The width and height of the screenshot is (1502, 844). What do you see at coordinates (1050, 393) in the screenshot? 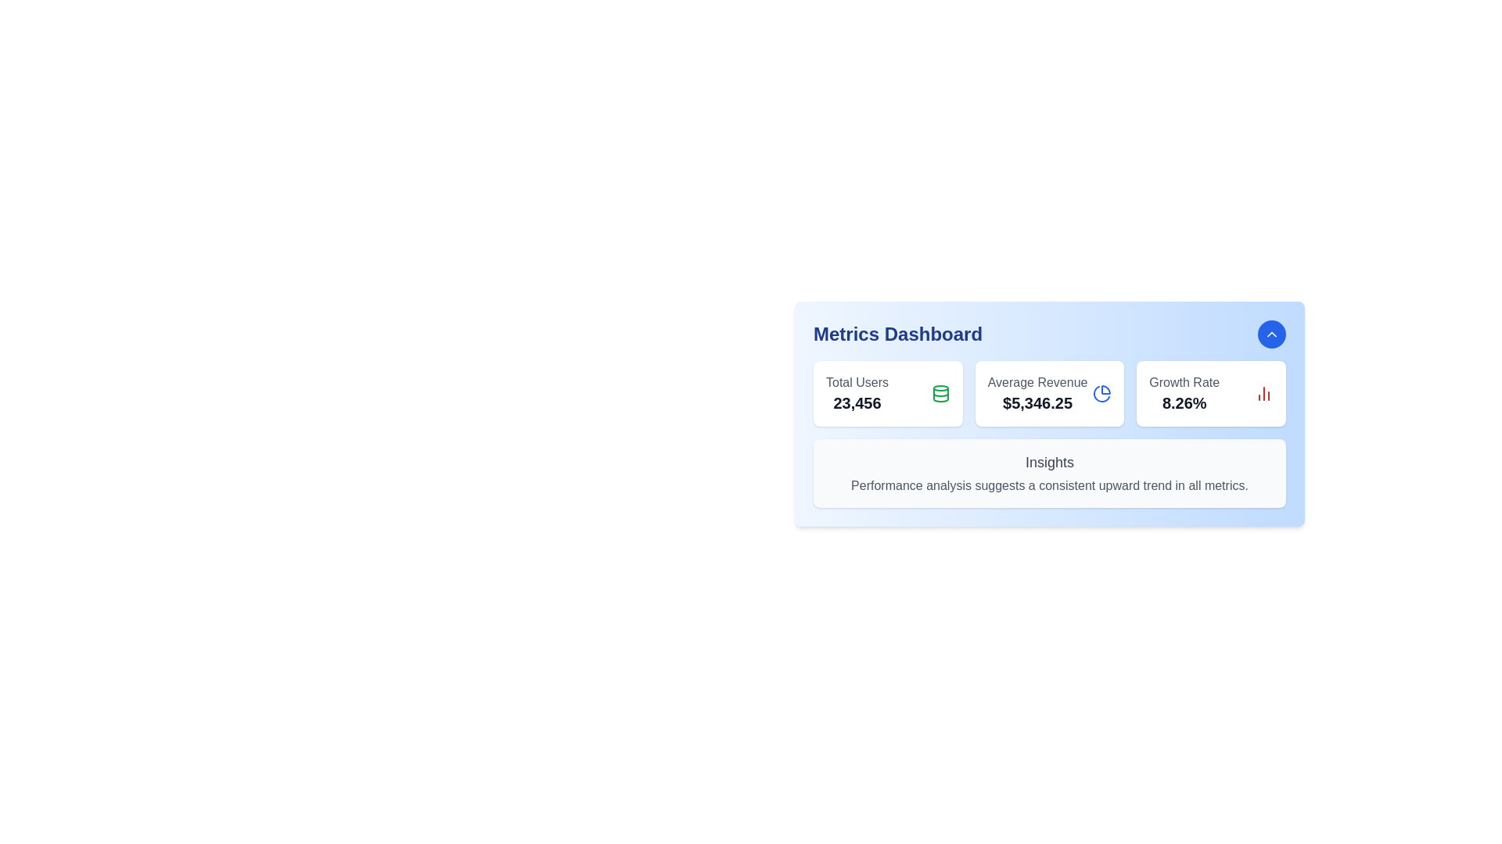
I see `the Informational Card displaying 'Average Revenue' with the value '$5,346.25', located in the Metrics Dashboard` at bounding box center [1050, 393].